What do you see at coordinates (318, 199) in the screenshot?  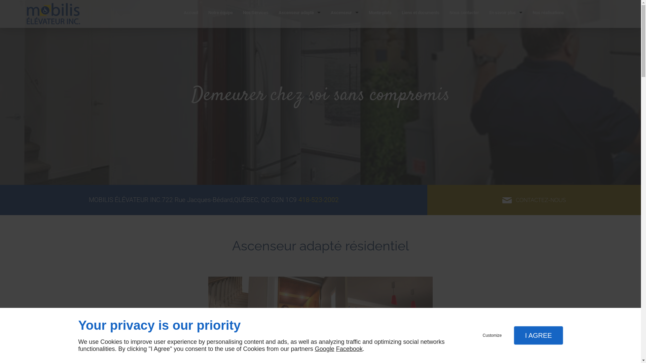 I see `'418-523-2002'` at bounding box center [318, 199].